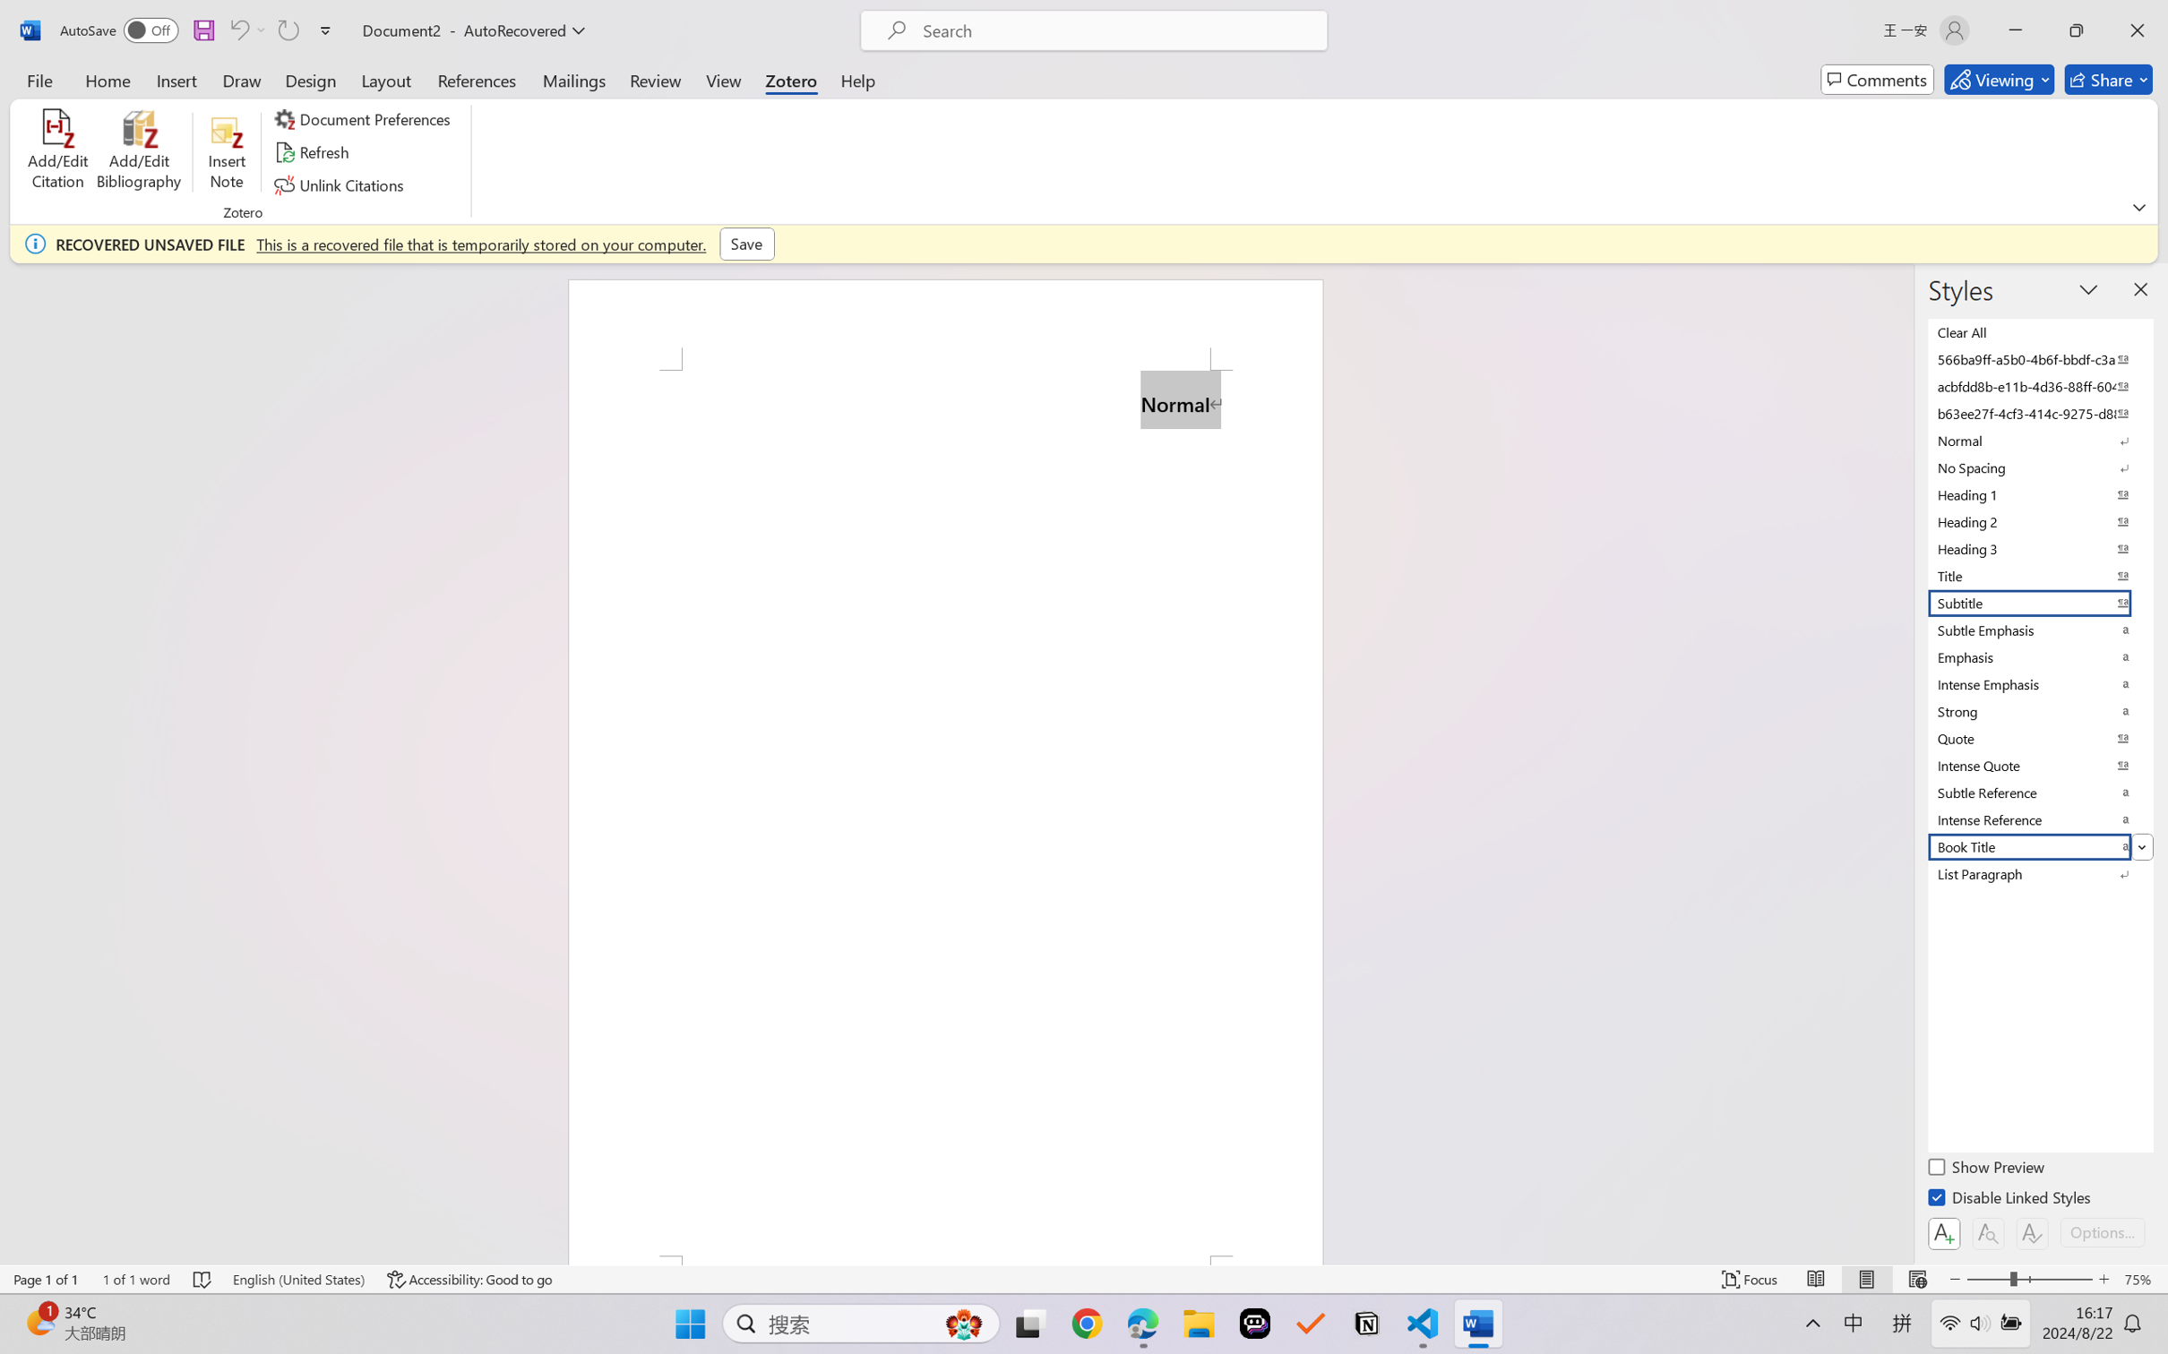  I want to click on 'Strong', so click(2038, 711).